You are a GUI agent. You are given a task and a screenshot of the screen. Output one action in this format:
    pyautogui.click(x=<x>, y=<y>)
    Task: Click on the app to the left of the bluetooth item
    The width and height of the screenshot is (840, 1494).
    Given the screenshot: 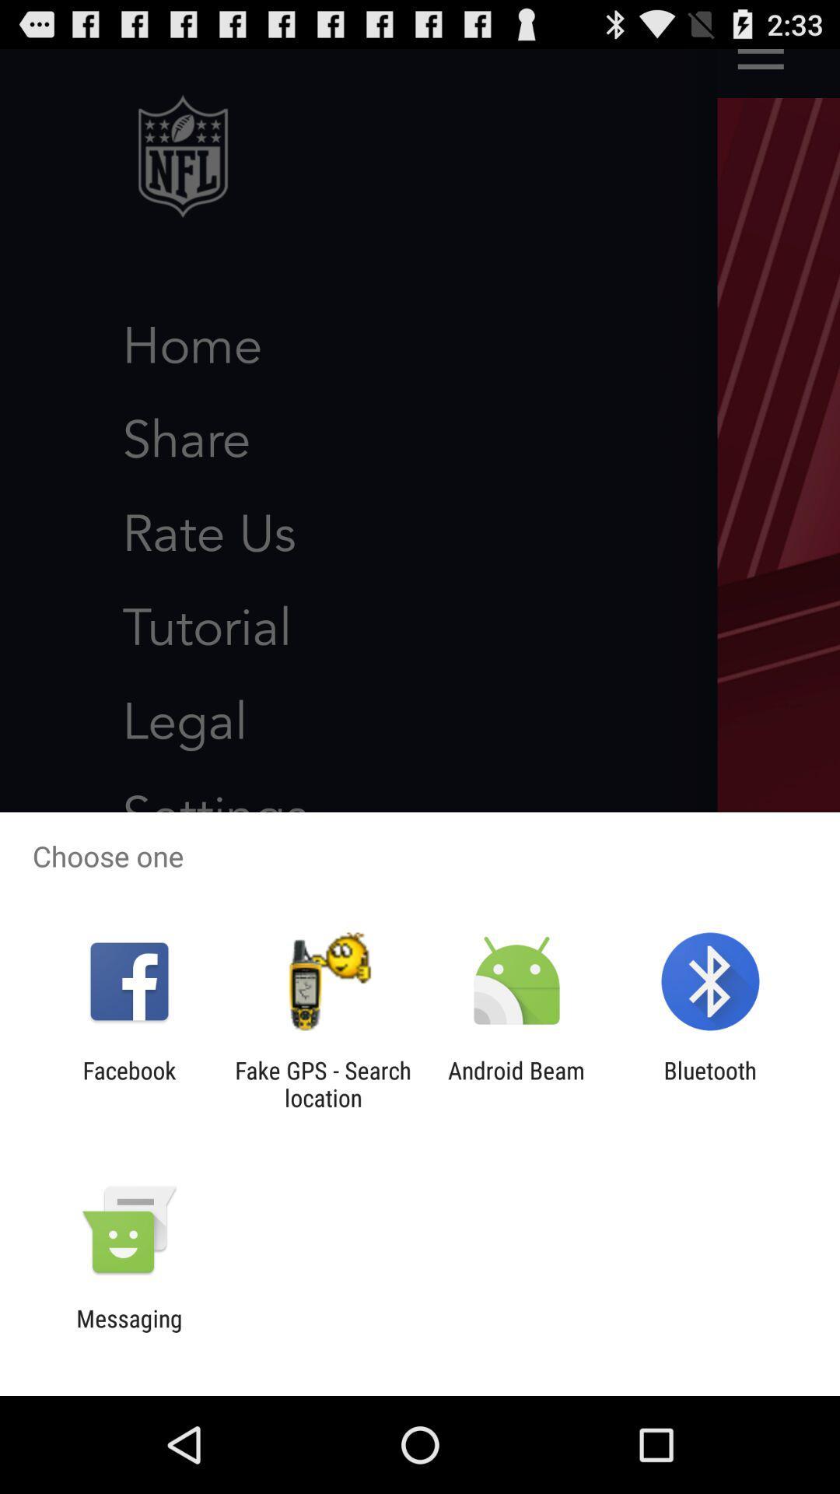 What is the action you would take?
    pyautogui.click(x=516, y=1083)
    